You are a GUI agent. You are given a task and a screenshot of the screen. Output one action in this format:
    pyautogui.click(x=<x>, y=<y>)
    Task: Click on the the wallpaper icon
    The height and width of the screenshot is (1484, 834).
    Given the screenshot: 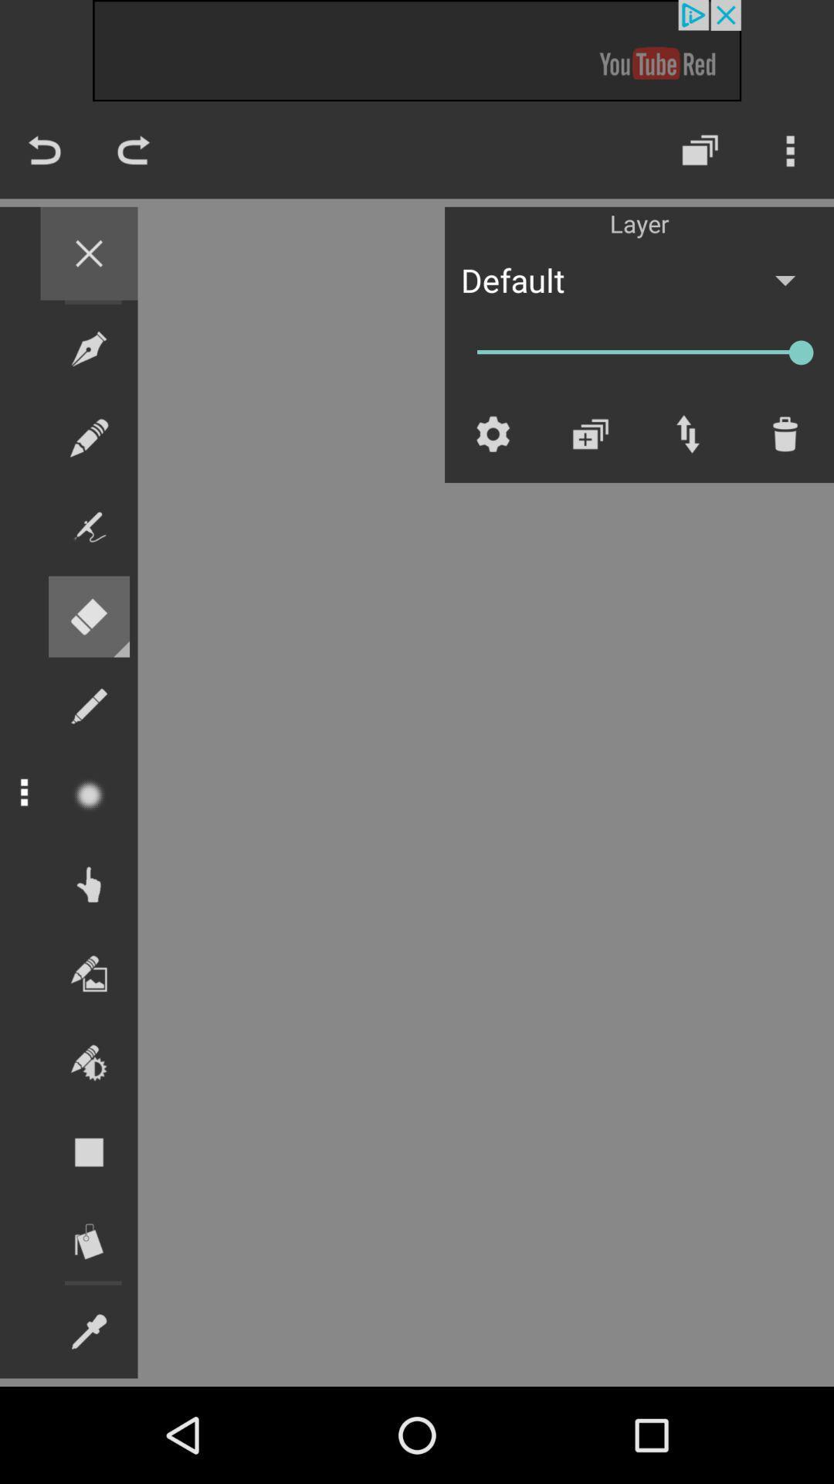 What is the action you would take?
    pyautogui.click(x=89, y=972)
    